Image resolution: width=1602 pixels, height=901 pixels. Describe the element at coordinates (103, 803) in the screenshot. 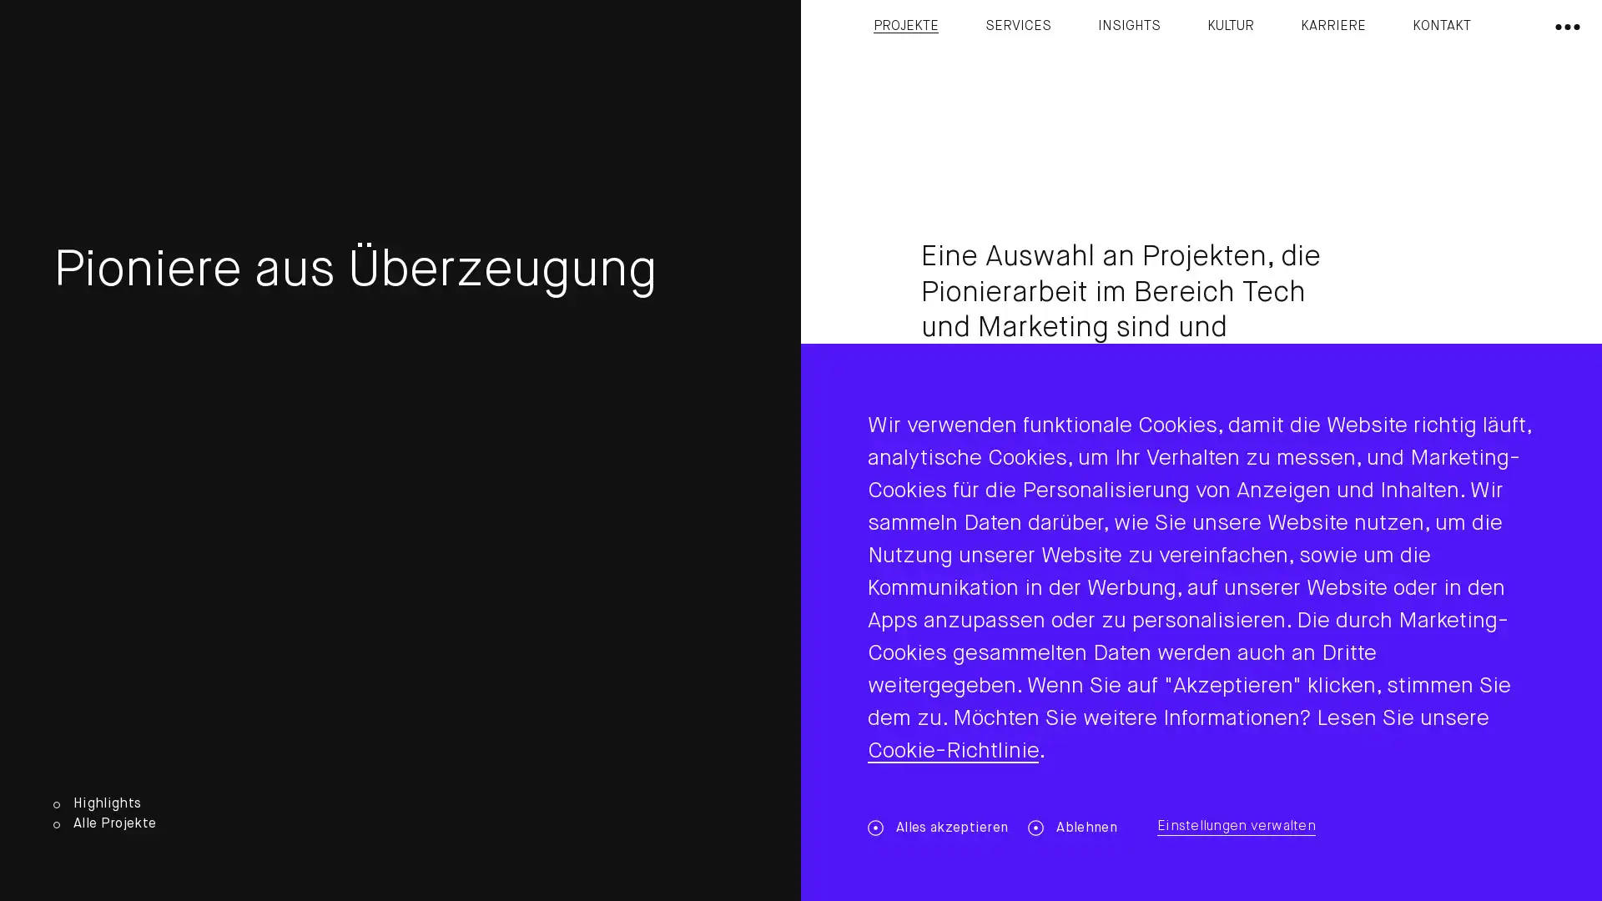

I see `Highlights` at that location.